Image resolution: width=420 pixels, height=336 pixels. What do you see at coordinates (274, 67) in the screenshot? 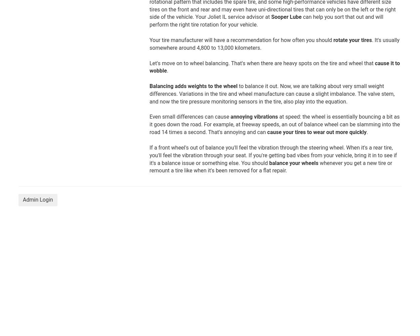
I see `'cause it to wobble'` at bounding box center [274, 67].